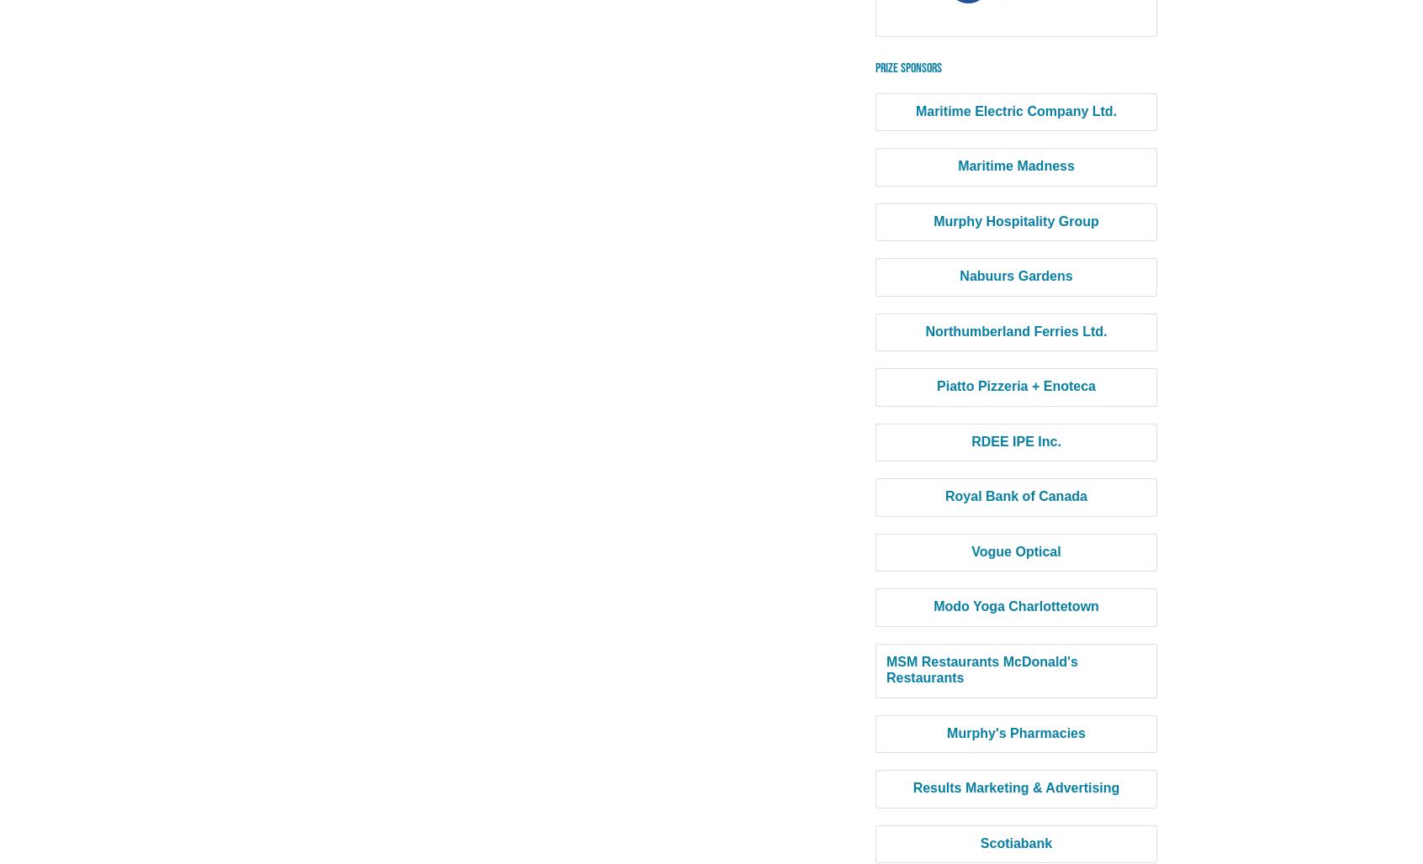 Image resolution: width=1423 pixels, height=864 pixels. What do you see at coordinates (1015, 110) in the screenshot?
I see `'Maritime Electric Company Ltd.'` at bounding box center [1015, 110].